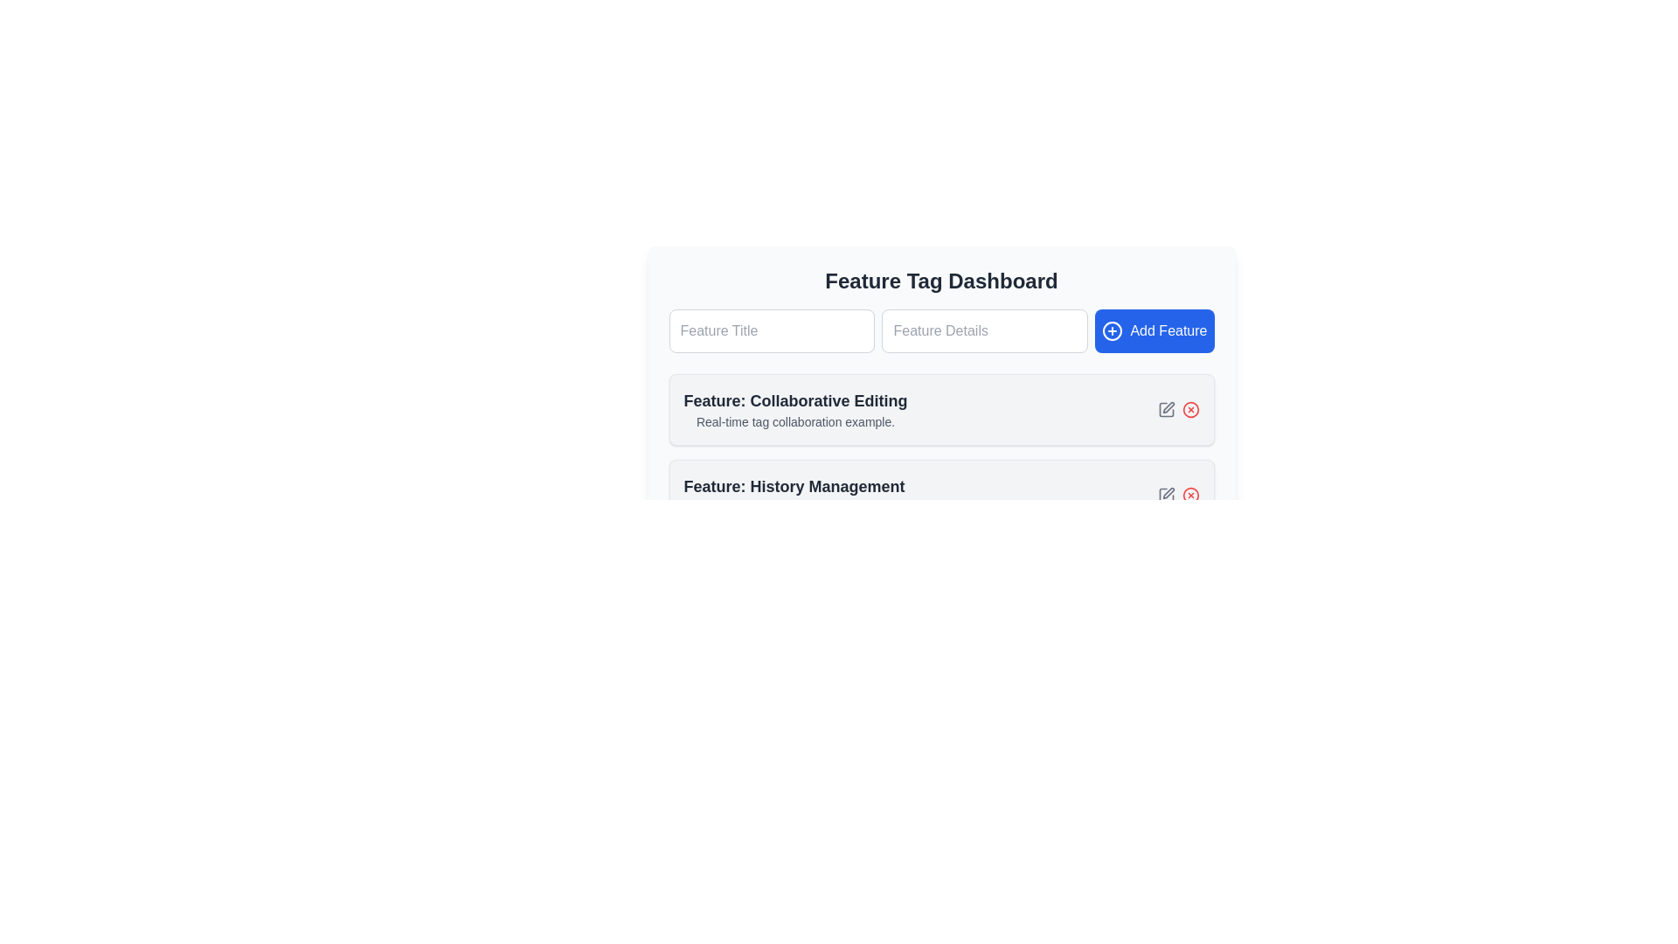  What do you see at coordinates (1112, 330) in the screenshot?
I see `the circular icon with a plus symbol in the center, located within the blue background area, to the left of the text 'Add Feature', to initiate the addition of a feature` at bounding box center [1112, 330].